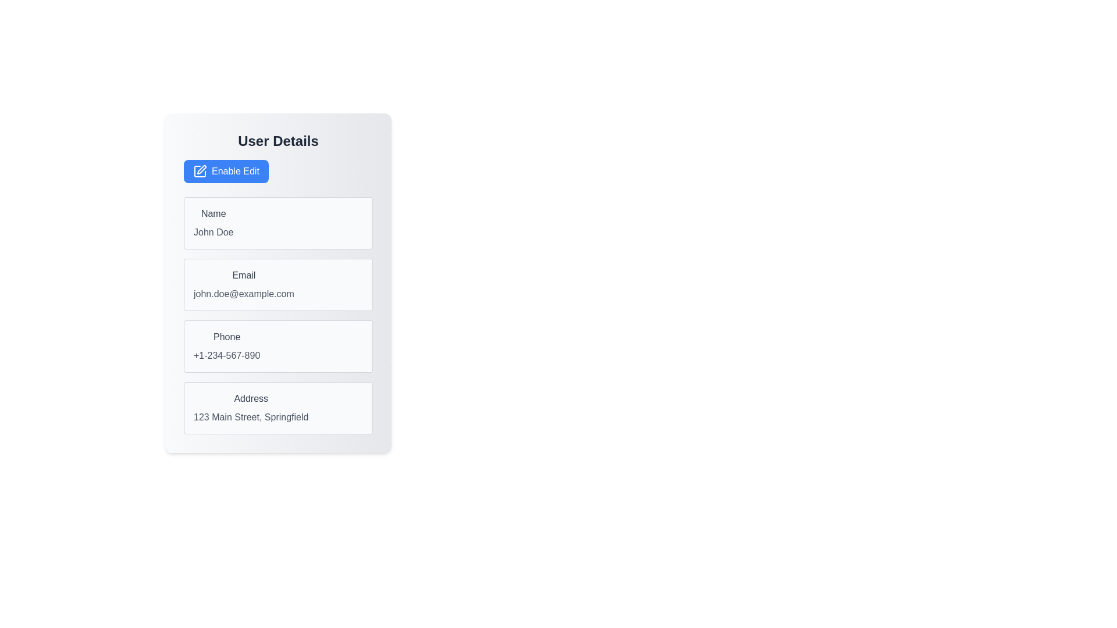 This screenshot has width=1117, height=628. What do you see at coordinates (214, 213) in the screenshot?
I see `the label indicating the user's name, which is positioned above the value 'John Doe' in the user details area` at bounding box center [214, 213].